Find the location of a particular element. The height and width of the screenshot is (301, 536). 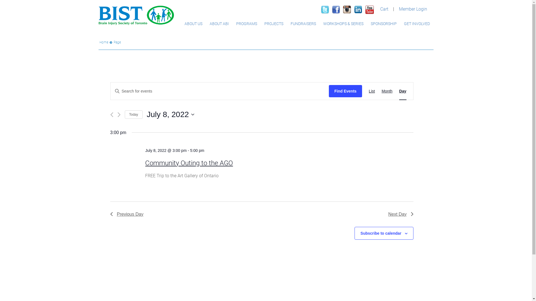

'July 8, 2022' is located at coordinates (170, 114).